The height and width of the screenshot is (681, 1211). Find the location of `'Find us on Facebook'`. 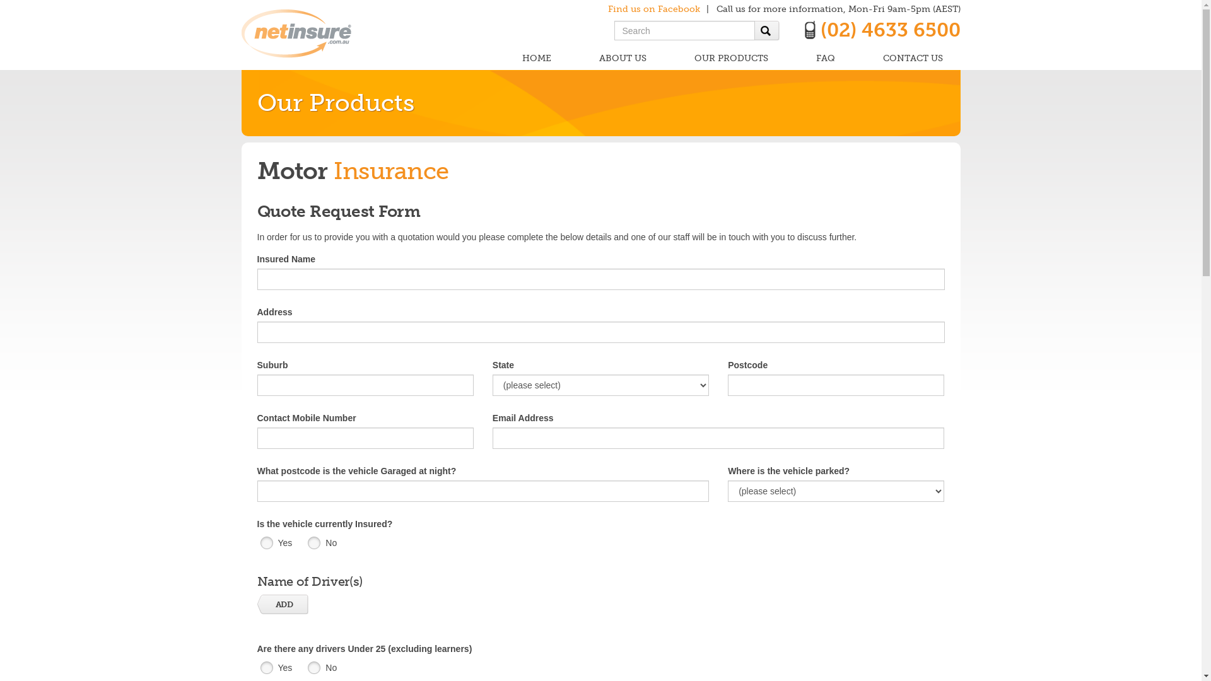

'Find us on Facebook' is located at coordinates (653, 9).